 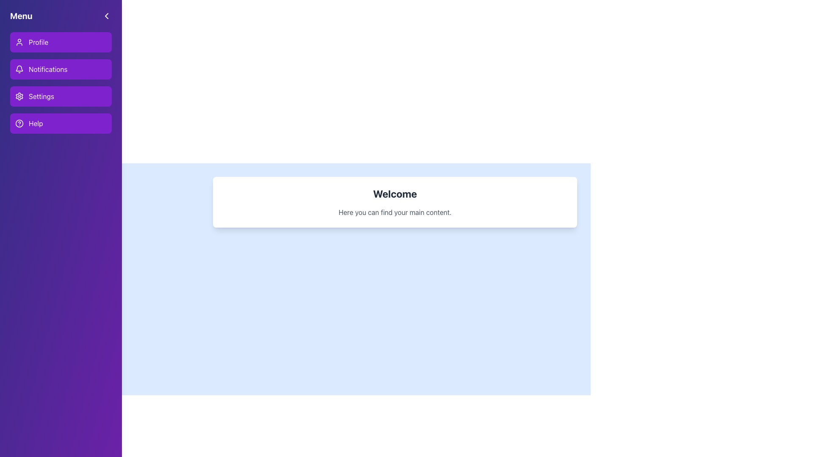 What do you see at coordinates (19, 96) in the screenshot?
I see `the purple gear-shaped icon in the sidebar menu associated with 'Settings'` at bounding box center [19, 96].